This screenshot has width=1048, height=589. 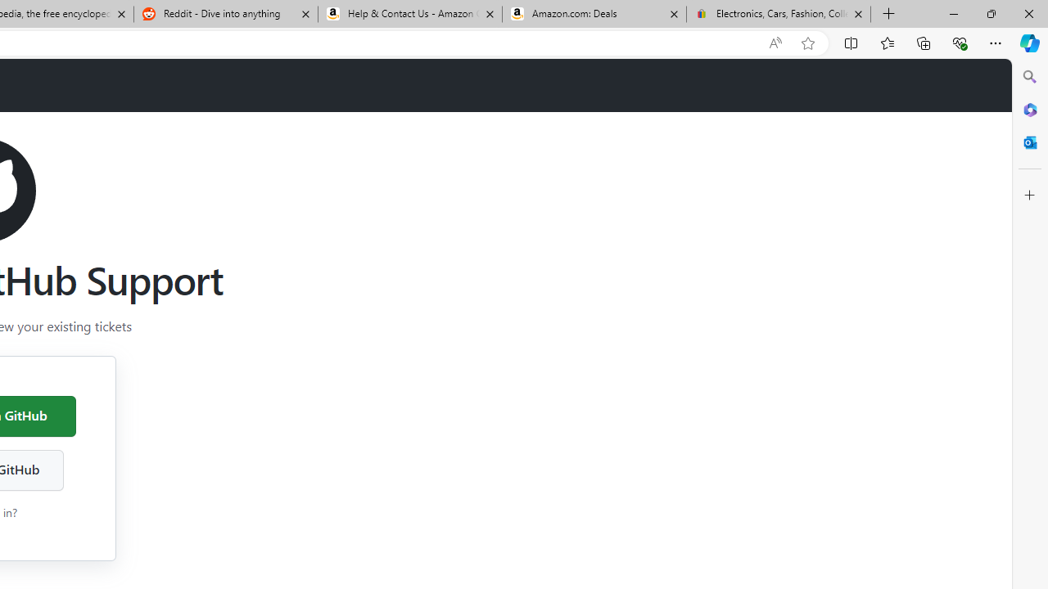 I want to click on 'Electronics, Cars, Fashion, Collectibles & More | eBay', so click(x=778, y=14).